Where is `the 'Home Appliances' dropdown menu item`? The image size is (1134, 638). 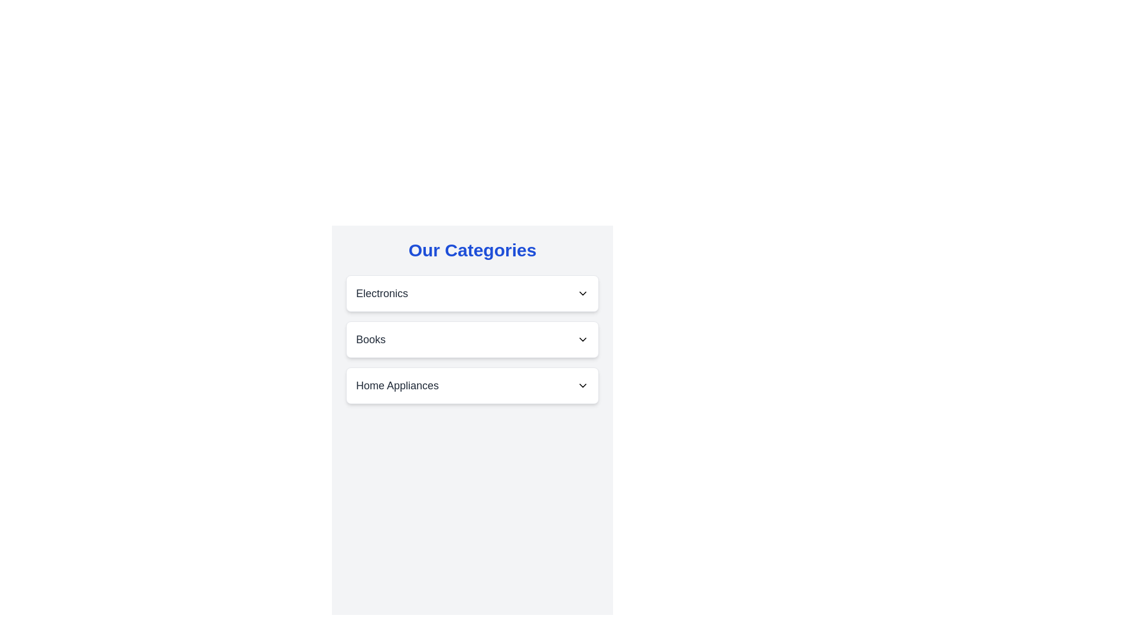
the 'Home Appliances' dropdown menu item is located at coordinates (472, 385).